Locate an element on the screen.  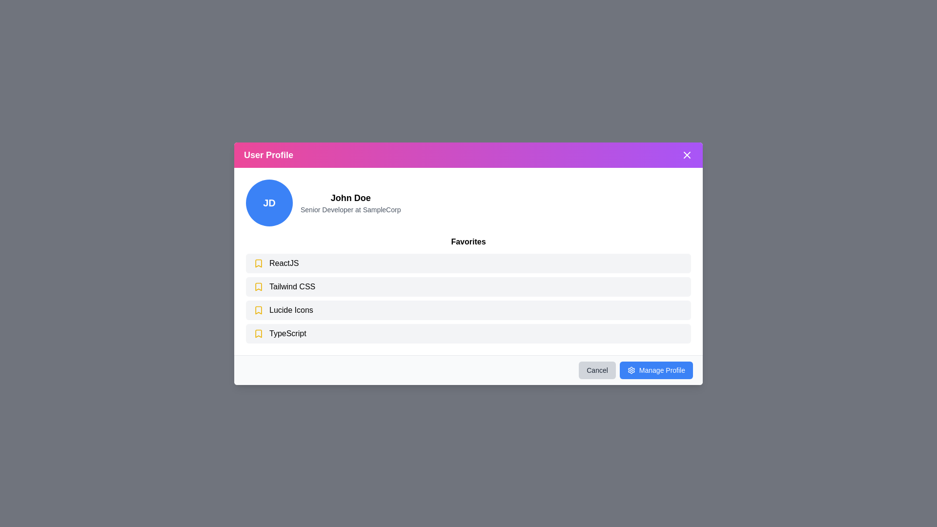
the close button styled as an 'X' icon, which has a white stroke on a purple background, located in the top-right corner of the 'User Profile' header is located at coordinates (686, 154).